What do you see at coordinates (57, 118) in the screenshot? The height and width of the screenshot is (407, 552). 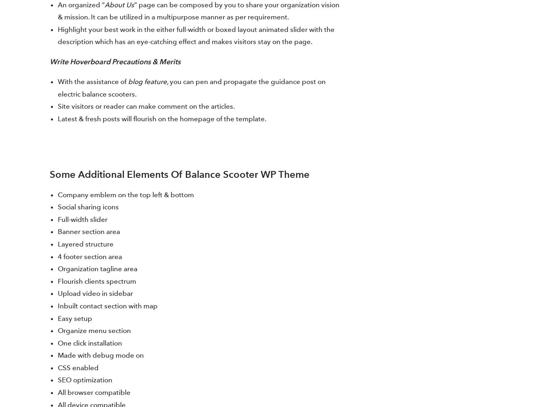 I see `'Latest & fresh posts will flourish on the homepage of the template.'` at bounding box center [57, 118].